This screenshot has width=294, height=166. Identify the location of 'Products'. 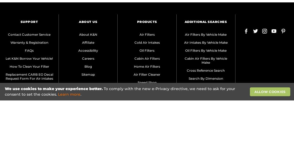
(147, 22).